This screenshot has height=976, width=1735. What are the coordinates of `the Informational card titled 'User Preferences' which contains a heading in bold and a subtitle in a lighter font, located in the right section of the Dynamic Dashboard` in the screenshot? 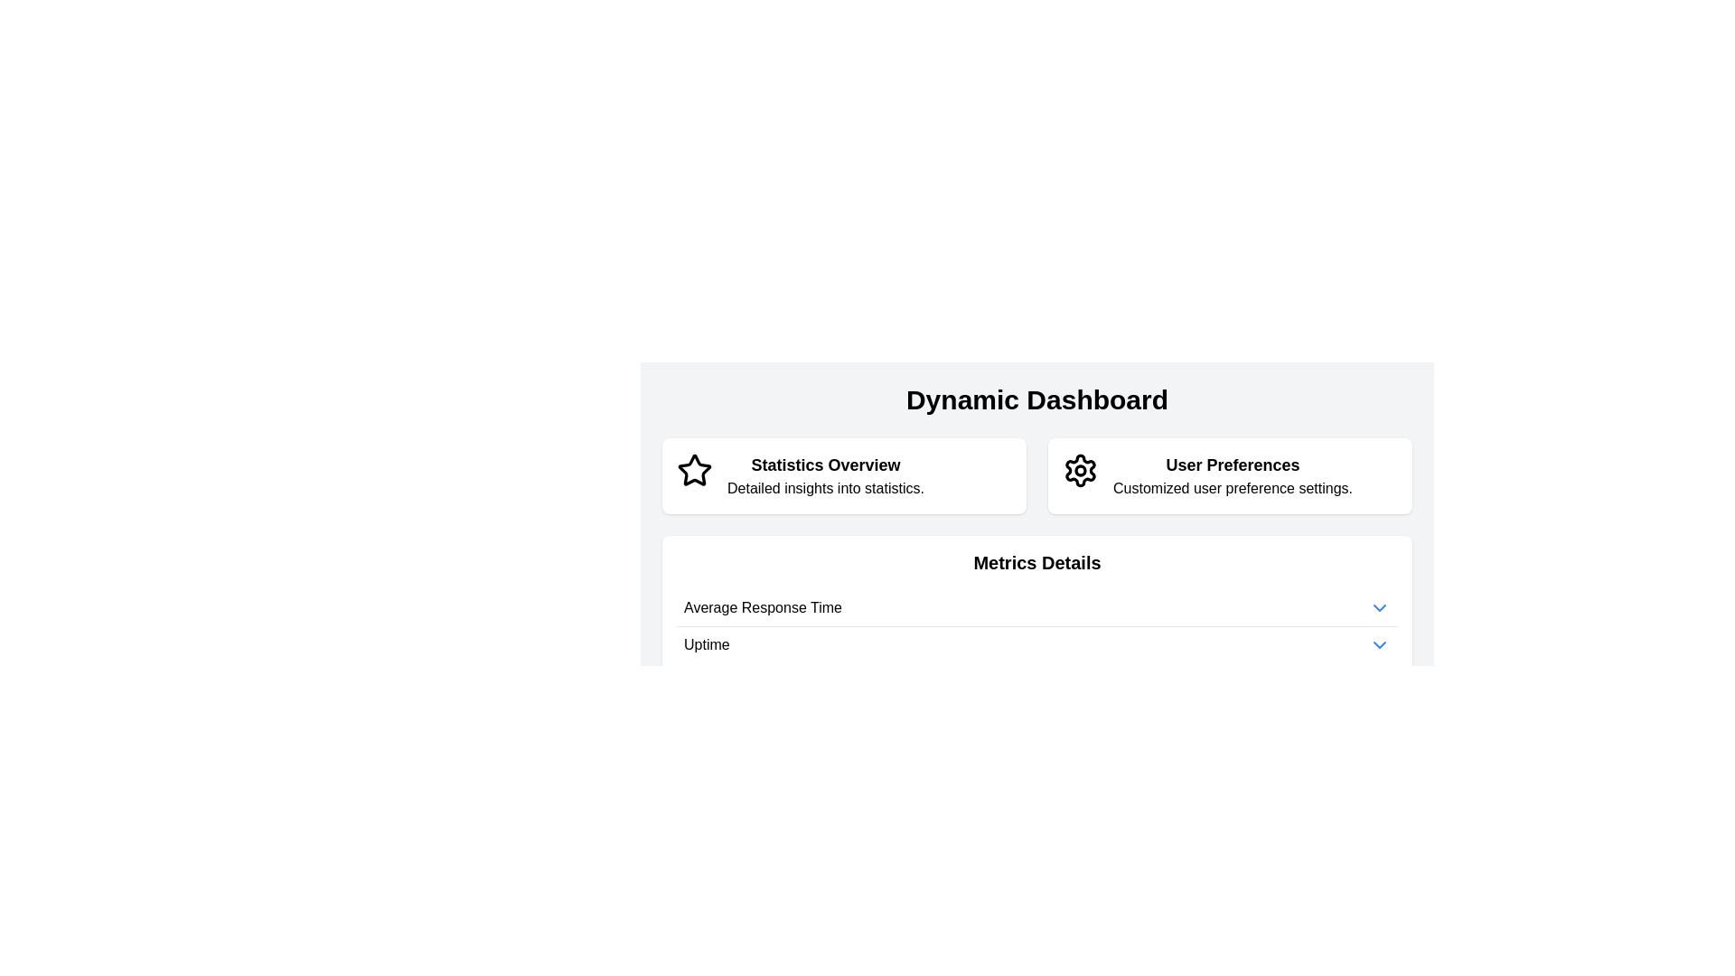 It's located at (1232, 475).